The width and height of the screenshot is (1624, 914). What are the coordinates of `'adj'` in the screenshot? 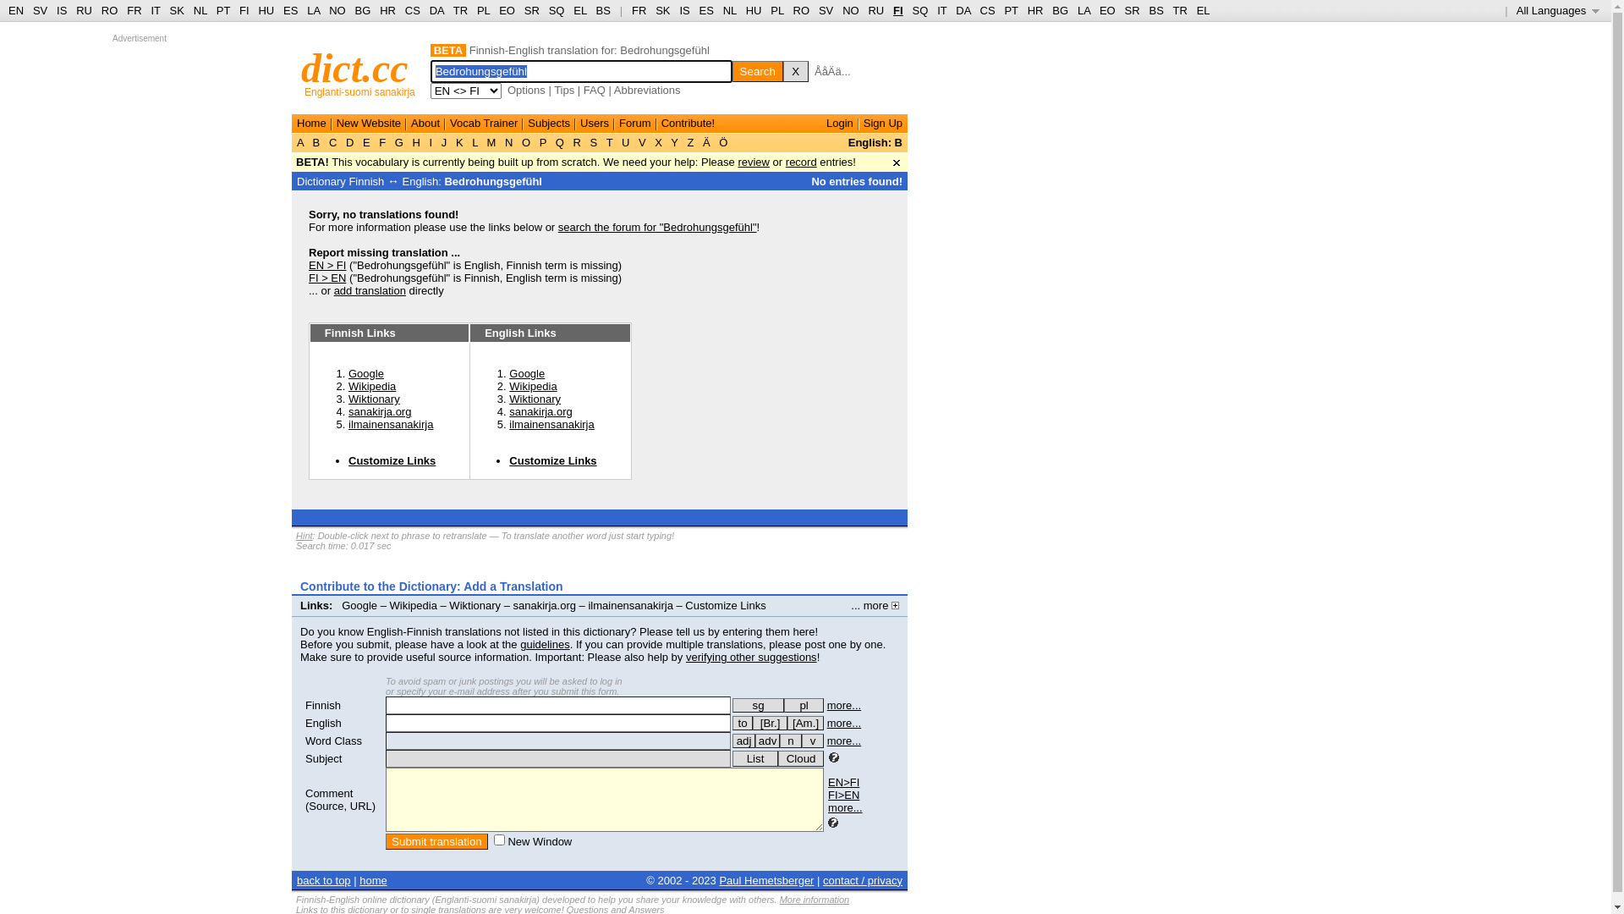 It's located at (743, 740).